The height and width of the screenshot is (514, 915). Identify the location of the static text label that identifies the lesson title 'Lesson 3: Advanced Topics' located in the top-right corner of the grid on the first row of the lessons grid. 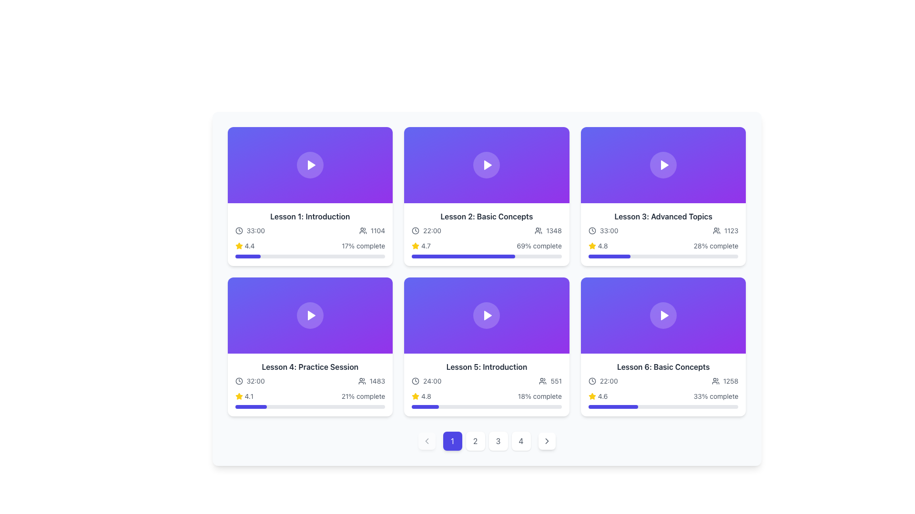
(663, 217).